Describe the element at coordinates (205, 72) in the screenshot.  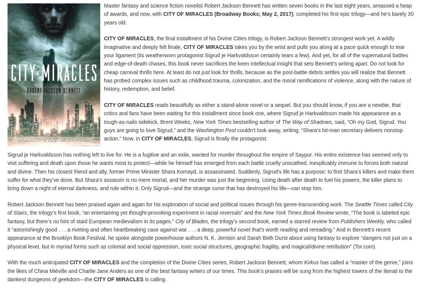
I see `'just'` at that location.